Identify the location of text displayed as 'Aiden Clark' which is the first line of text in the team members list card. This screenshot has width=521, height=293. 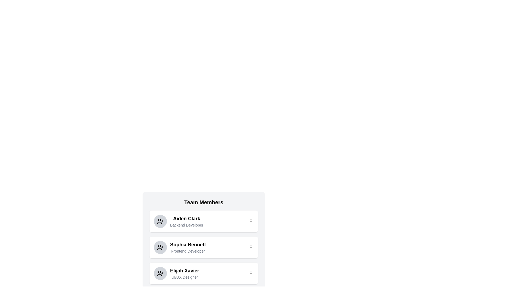
(187, 218).